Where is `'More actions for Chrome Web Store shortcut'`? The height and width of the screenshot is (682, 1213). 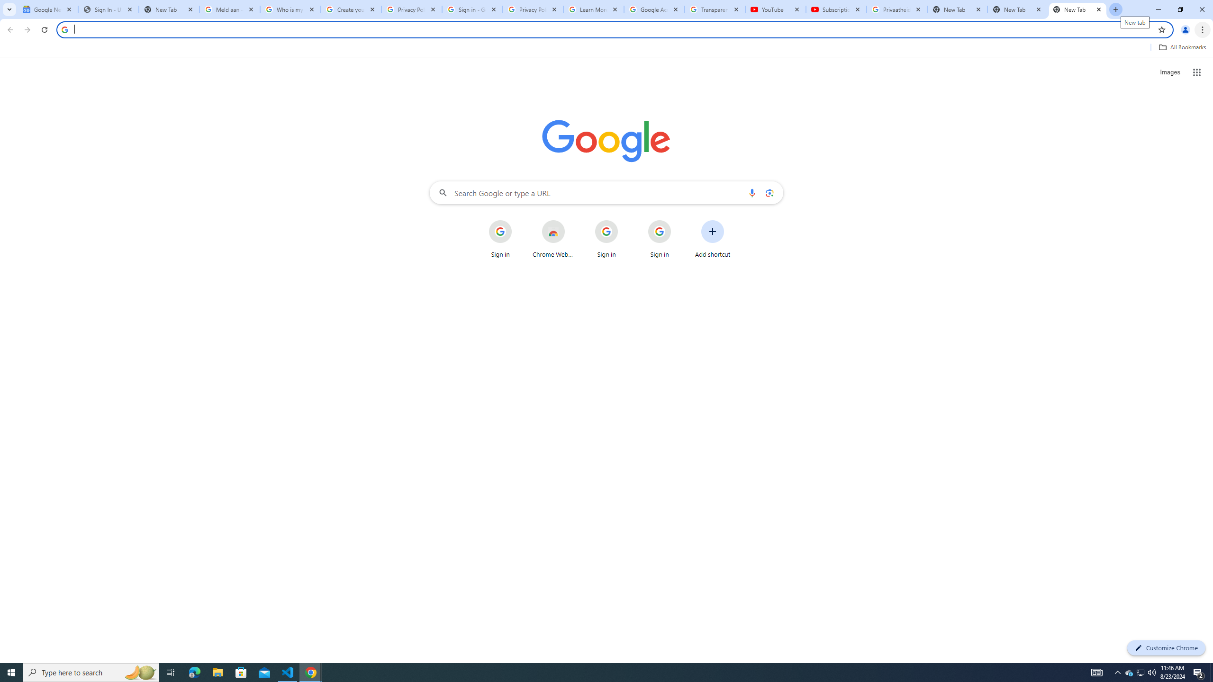 'More actions for Chrome Web Store shortcut' is located at coordinates (571, 221).